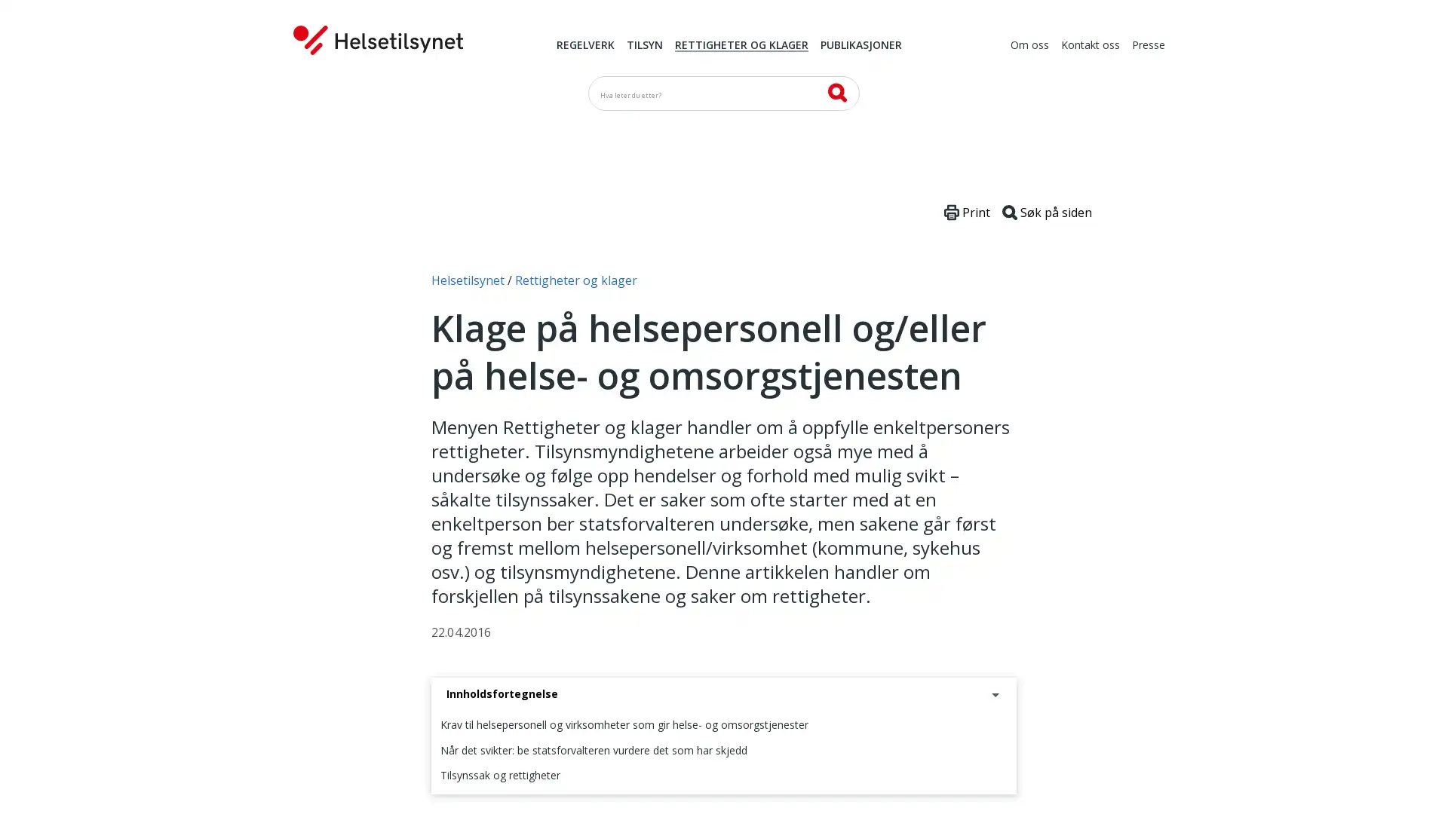 The height and width of the screenshot is (814, 1448). I want to click on Innholdsfortegnelse, so click(724, 694).